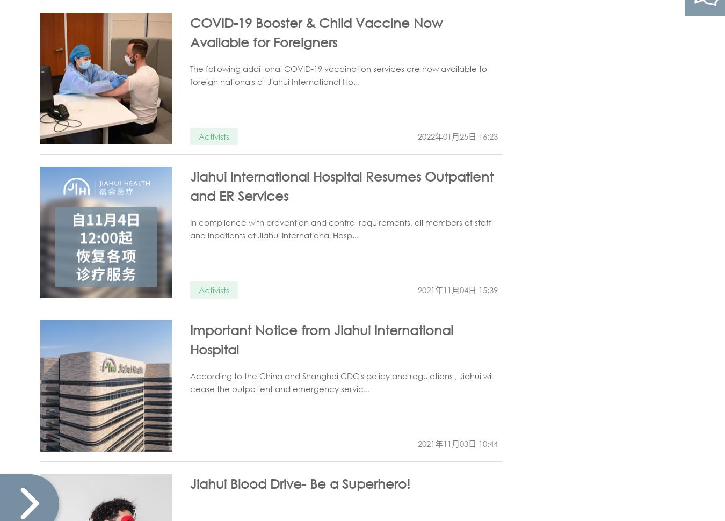  Describe the element at coordinates (342, 185) in the screenshot. I see `'Jiahui International Hospital Resumes Outpatient and ER Services'` at that location.